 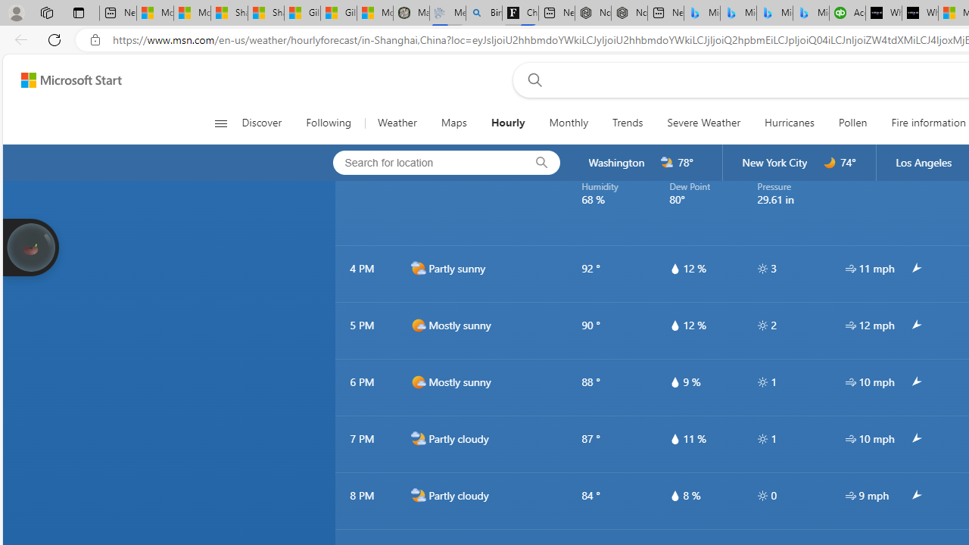 I want to click on 'Search for location', so click(x=424, y=162).